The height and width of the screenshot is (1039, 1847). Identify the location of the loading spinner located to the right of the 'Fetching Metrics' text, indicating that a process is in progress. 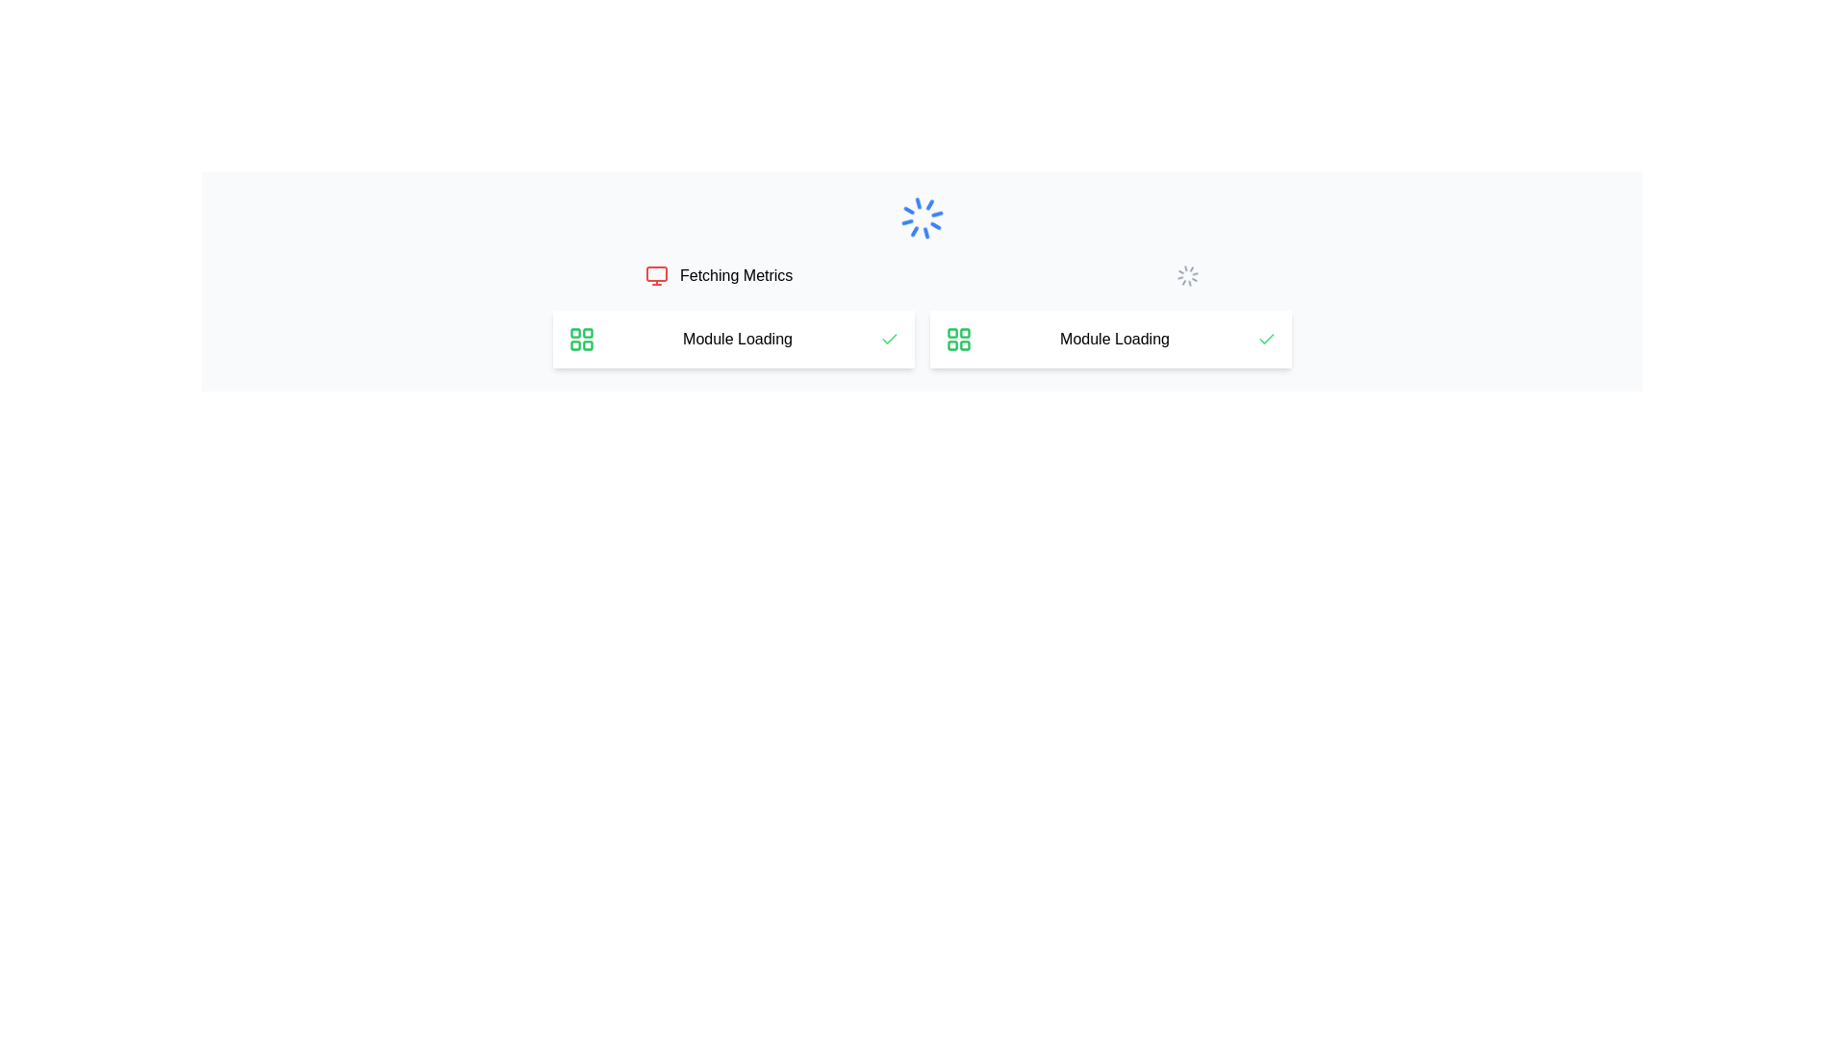
(1186, 275).